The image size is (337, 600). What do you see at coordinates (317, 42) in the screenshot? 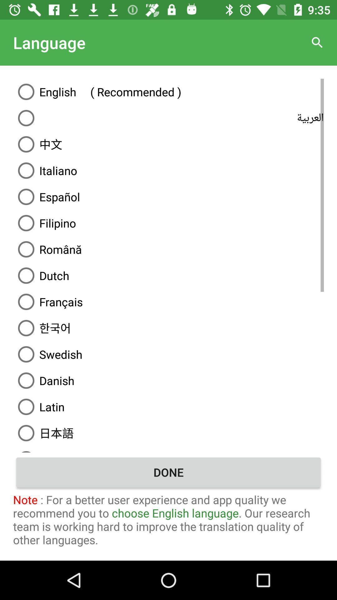
I see `item above the english     ( recommended ) item` at bounding box center [317, 42].